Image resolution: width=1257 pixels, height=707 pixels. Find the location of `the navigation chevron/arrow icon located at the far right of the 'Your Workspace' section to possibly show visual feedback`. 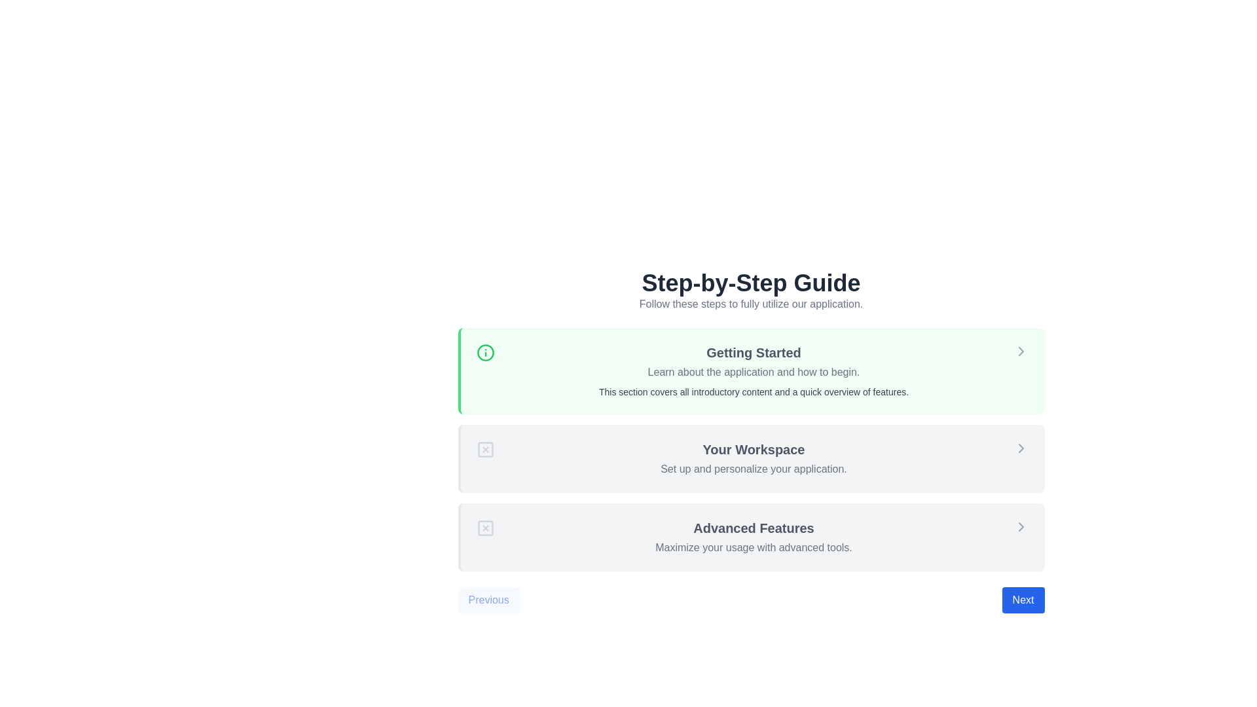

the navigation chevron/arrow icon located at the far right of the 'Your Workspace' section to possibly show visual feedback is located at coordinates (1020, 448).